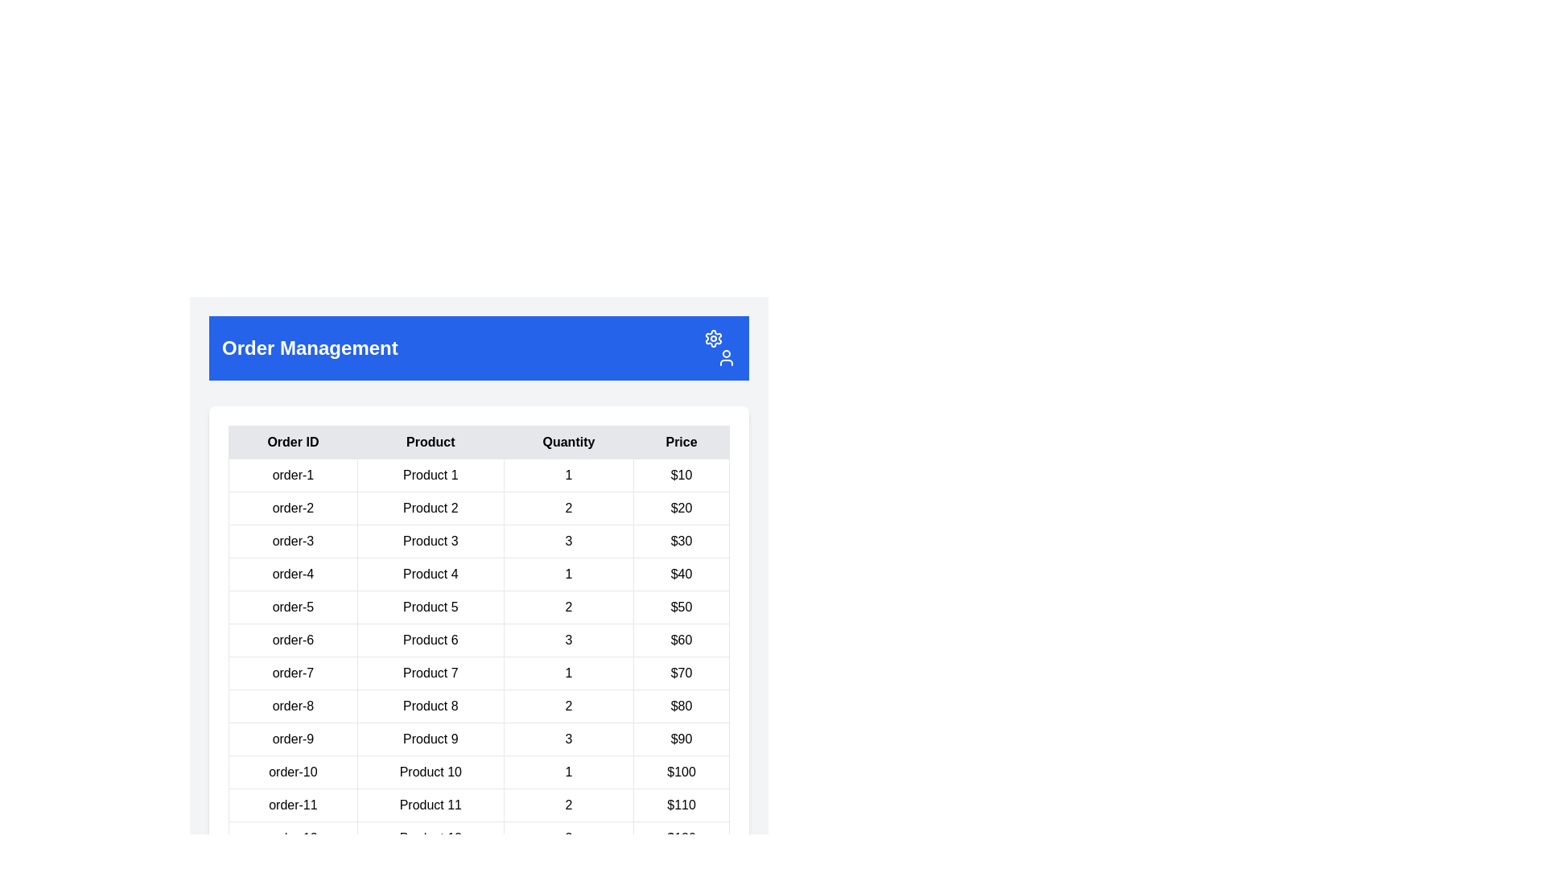  What do you see at coordinates (478, 805) in the screenshot?
I see `the eleventh row in the order management table, which displays order-related details` at bounding box center [478, 805].